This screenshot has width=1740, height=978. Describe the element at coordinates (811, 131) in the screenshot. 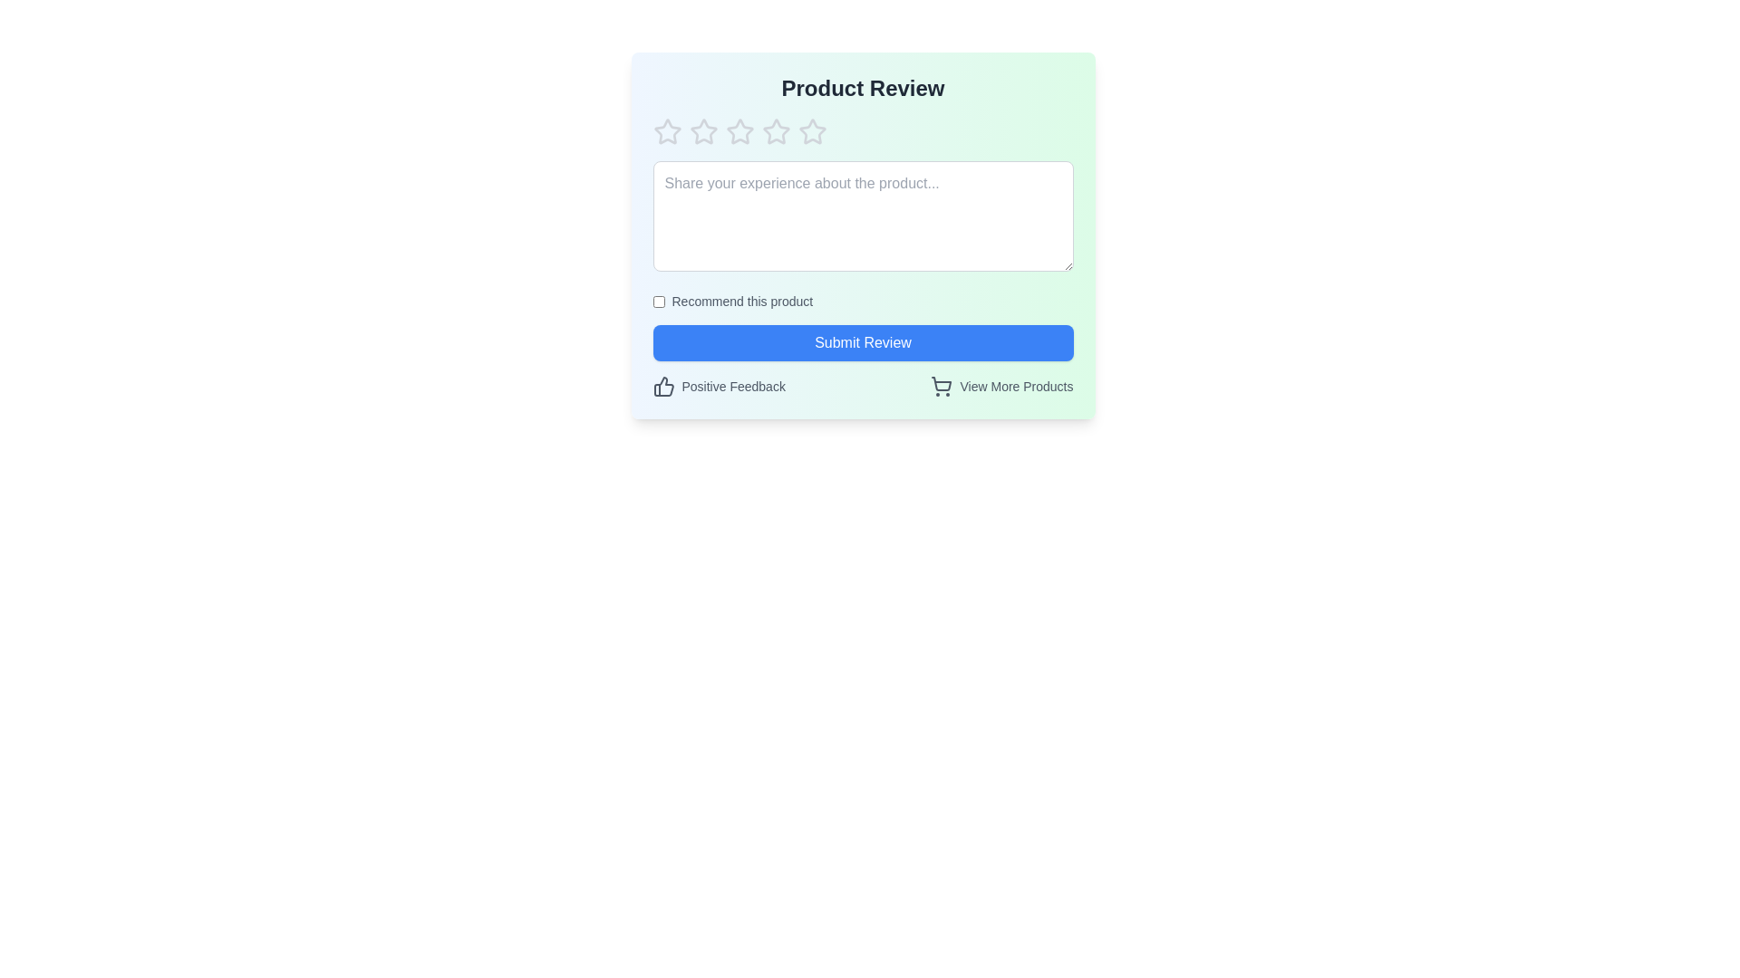

I see `the star representing 5 stars to preview the rating` at that location.